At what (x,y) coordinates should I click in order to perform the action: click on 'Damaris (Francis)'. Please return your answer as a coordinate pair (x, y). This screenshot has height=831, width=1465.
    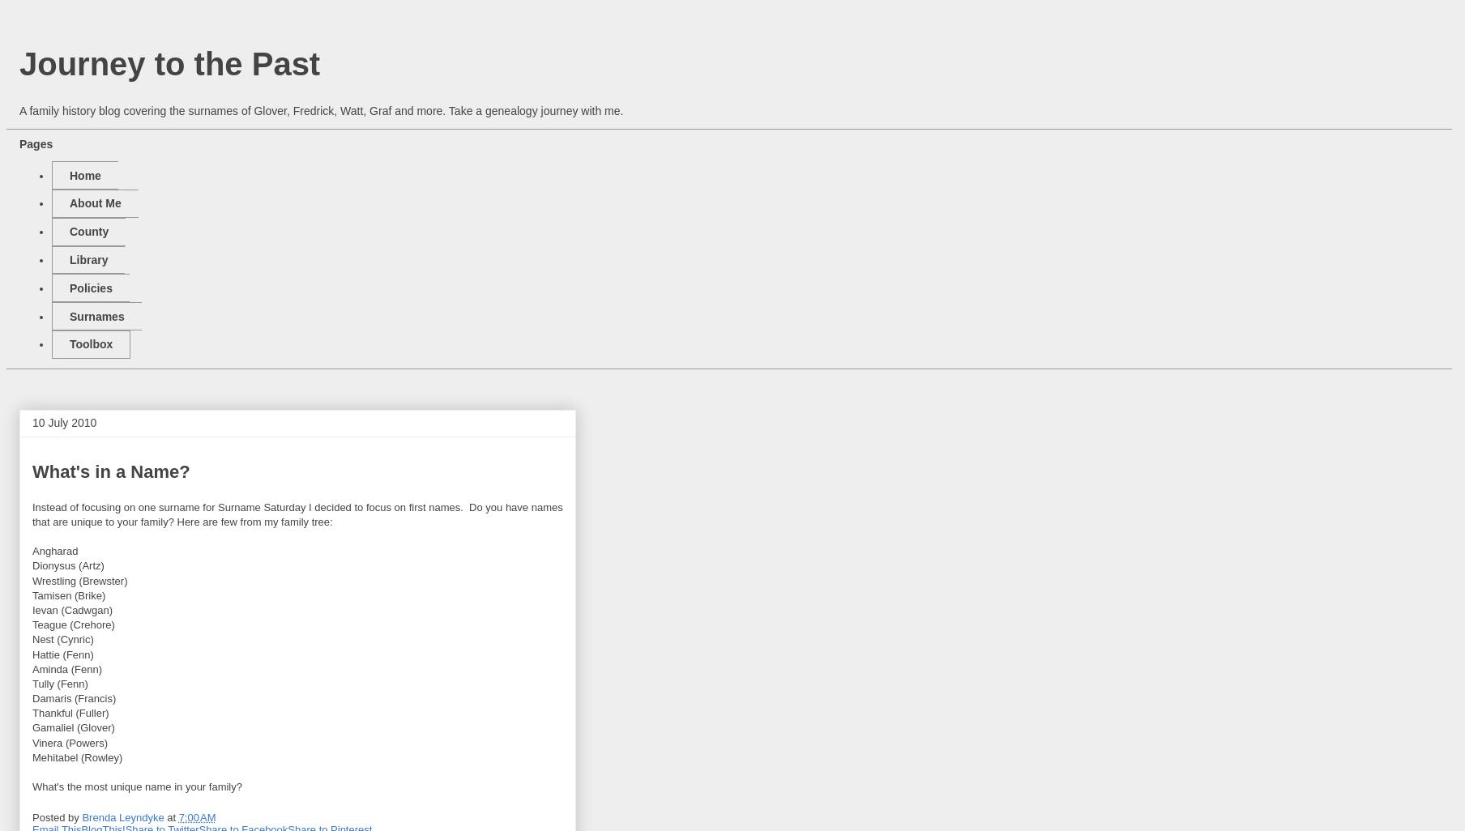
    Looking at the image, I should click on (73, 698).